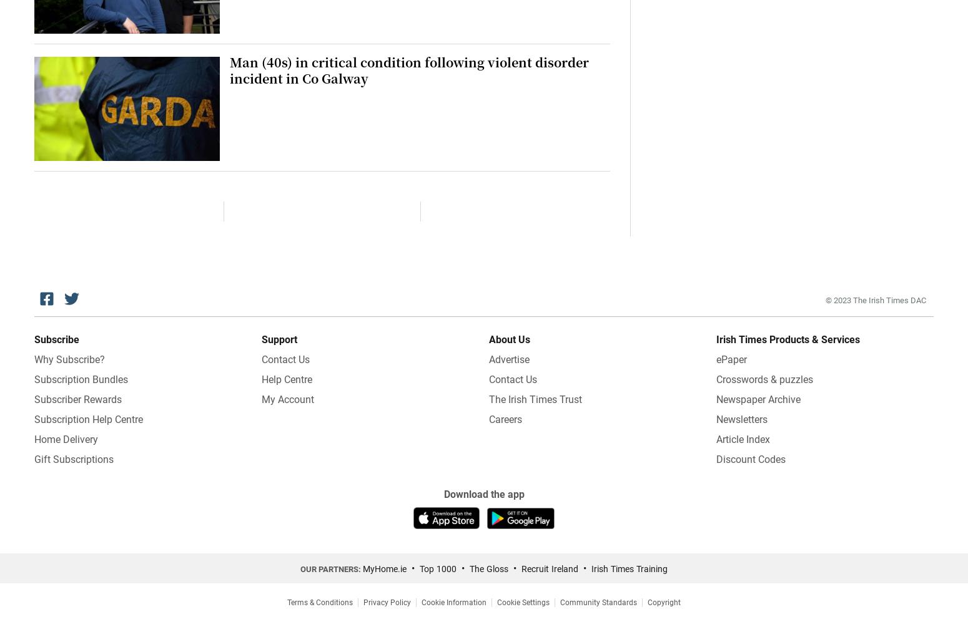 The height and width of the screenshot is (627, 968). What do you see at coordinates (508, 358) in the screenshot?
I see `'Advertise'` at bounding box center [508, 358].